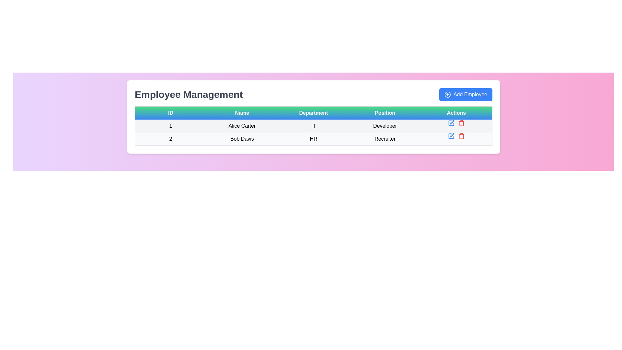 This screenshot has width=622, height=350. Describe the element at coordinates (242, 126) in the screenshot. I see `label displaying the name 'Alice Carter' in the second column of the first row of the table` at that location.